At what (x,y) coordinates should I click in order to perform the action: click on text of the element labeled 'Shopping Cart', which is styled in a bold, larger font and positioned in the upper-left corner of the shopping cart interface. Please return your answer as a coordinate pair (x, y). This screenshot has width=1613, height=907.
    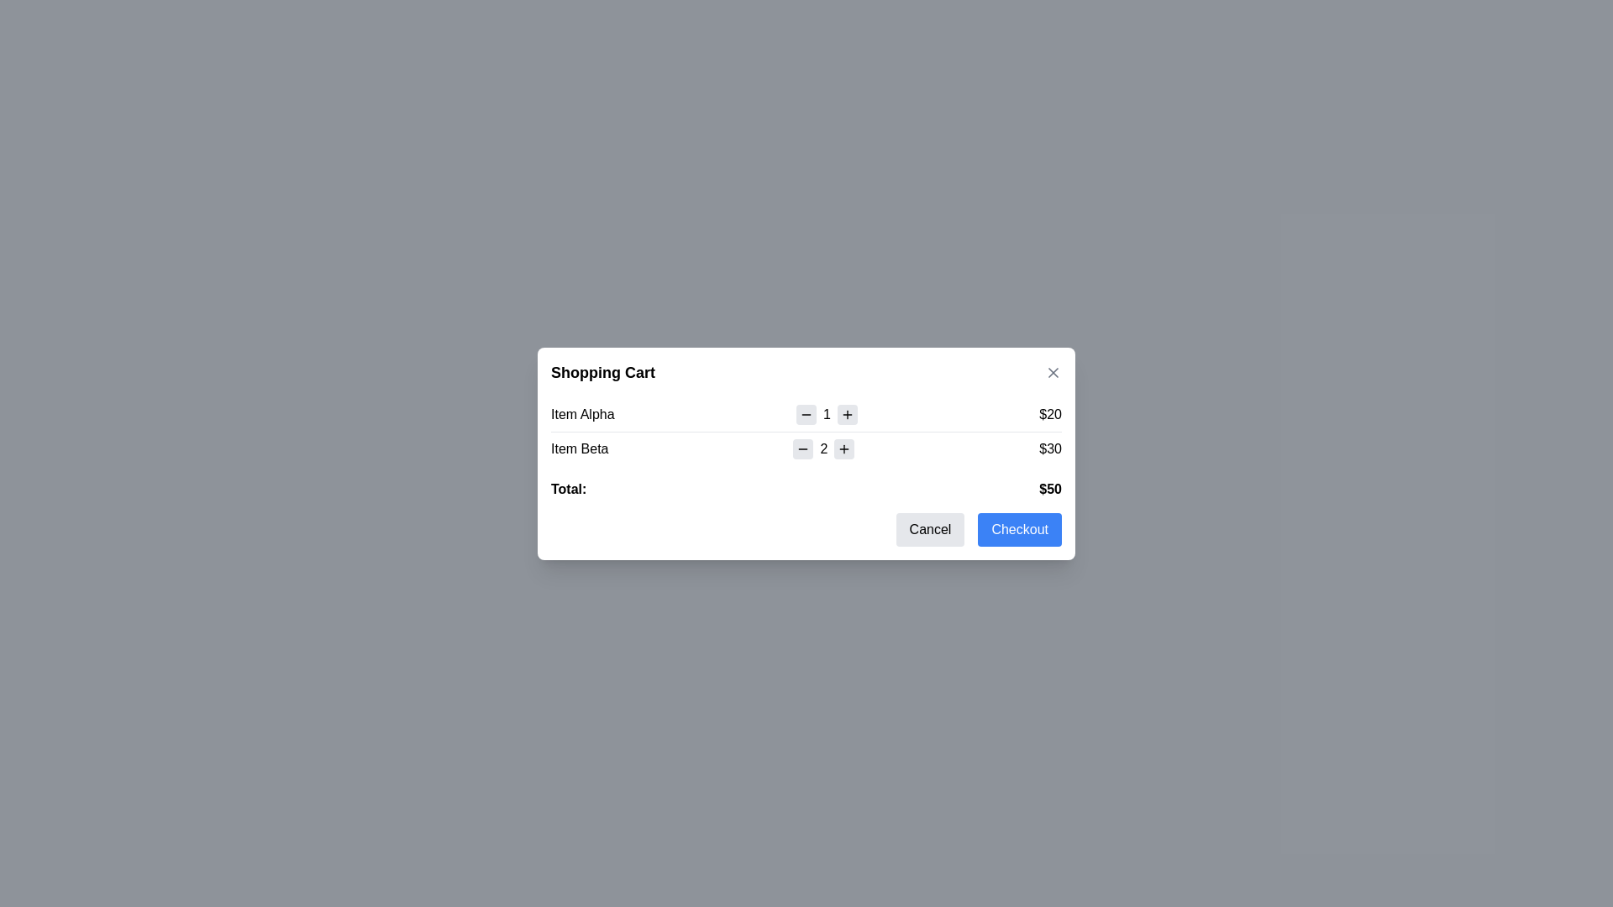
    Looking at the image, I should click on (603, 371).